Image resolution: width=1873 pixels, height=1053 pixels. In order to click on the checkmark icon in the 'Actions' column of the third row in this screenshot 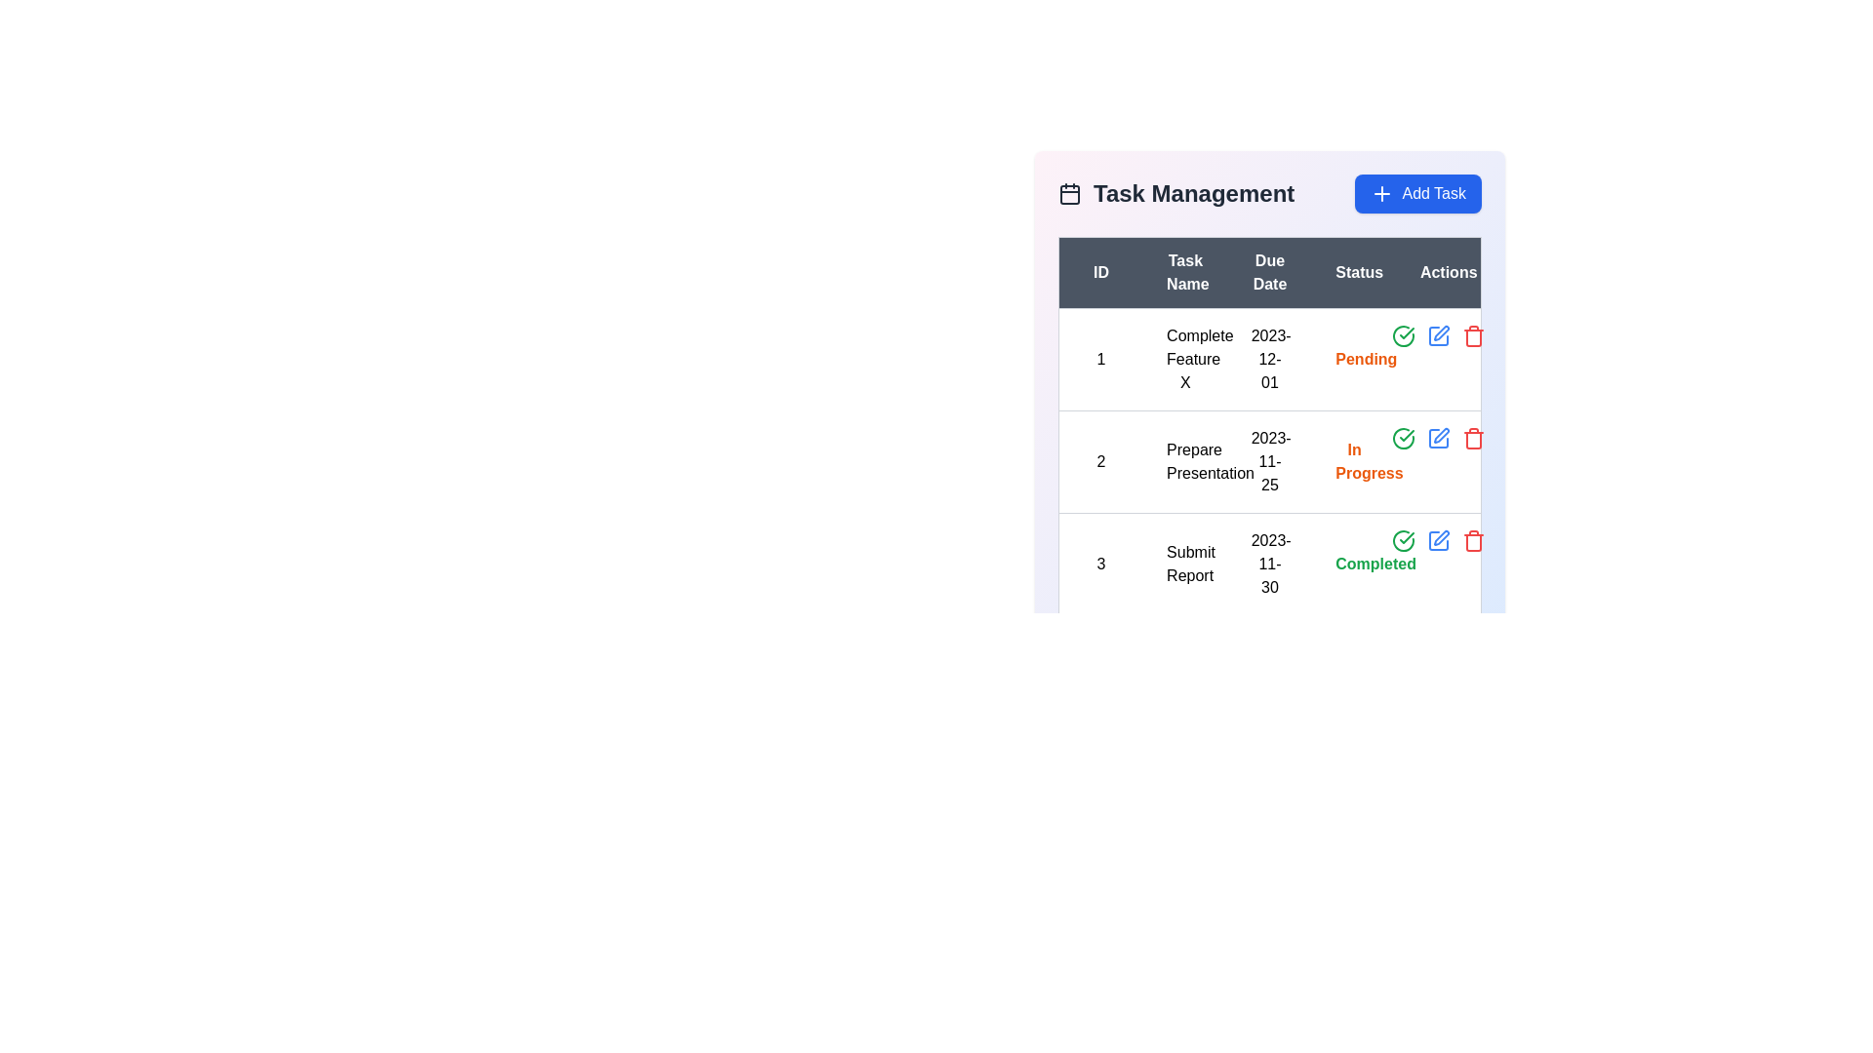, I will do `click(1407, 435)`.